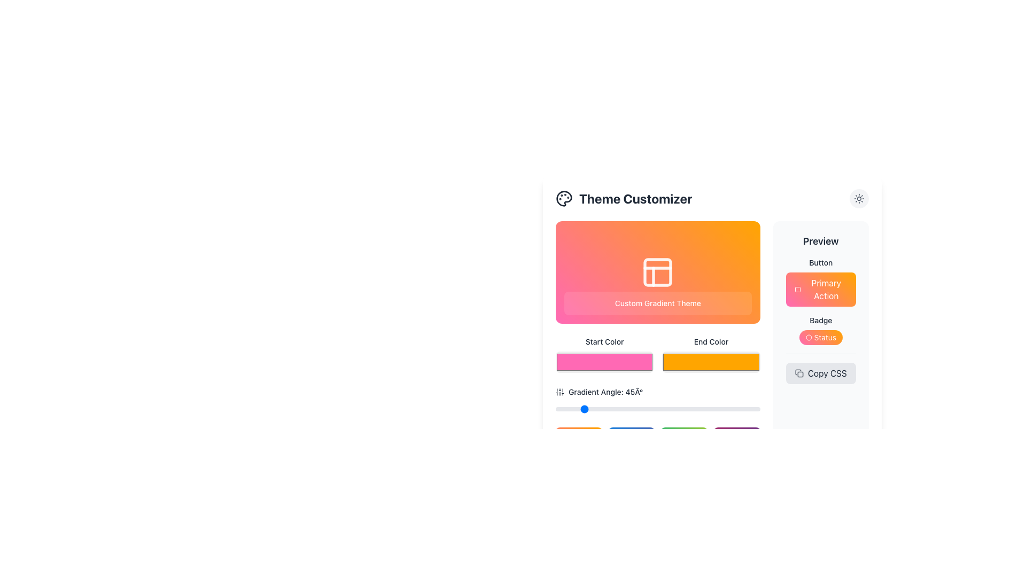 This screenshot has height=577, width=1026. Describe the element at coordinates (579, 409) in the screenshot. I see `the gradient angle slider` at that location.